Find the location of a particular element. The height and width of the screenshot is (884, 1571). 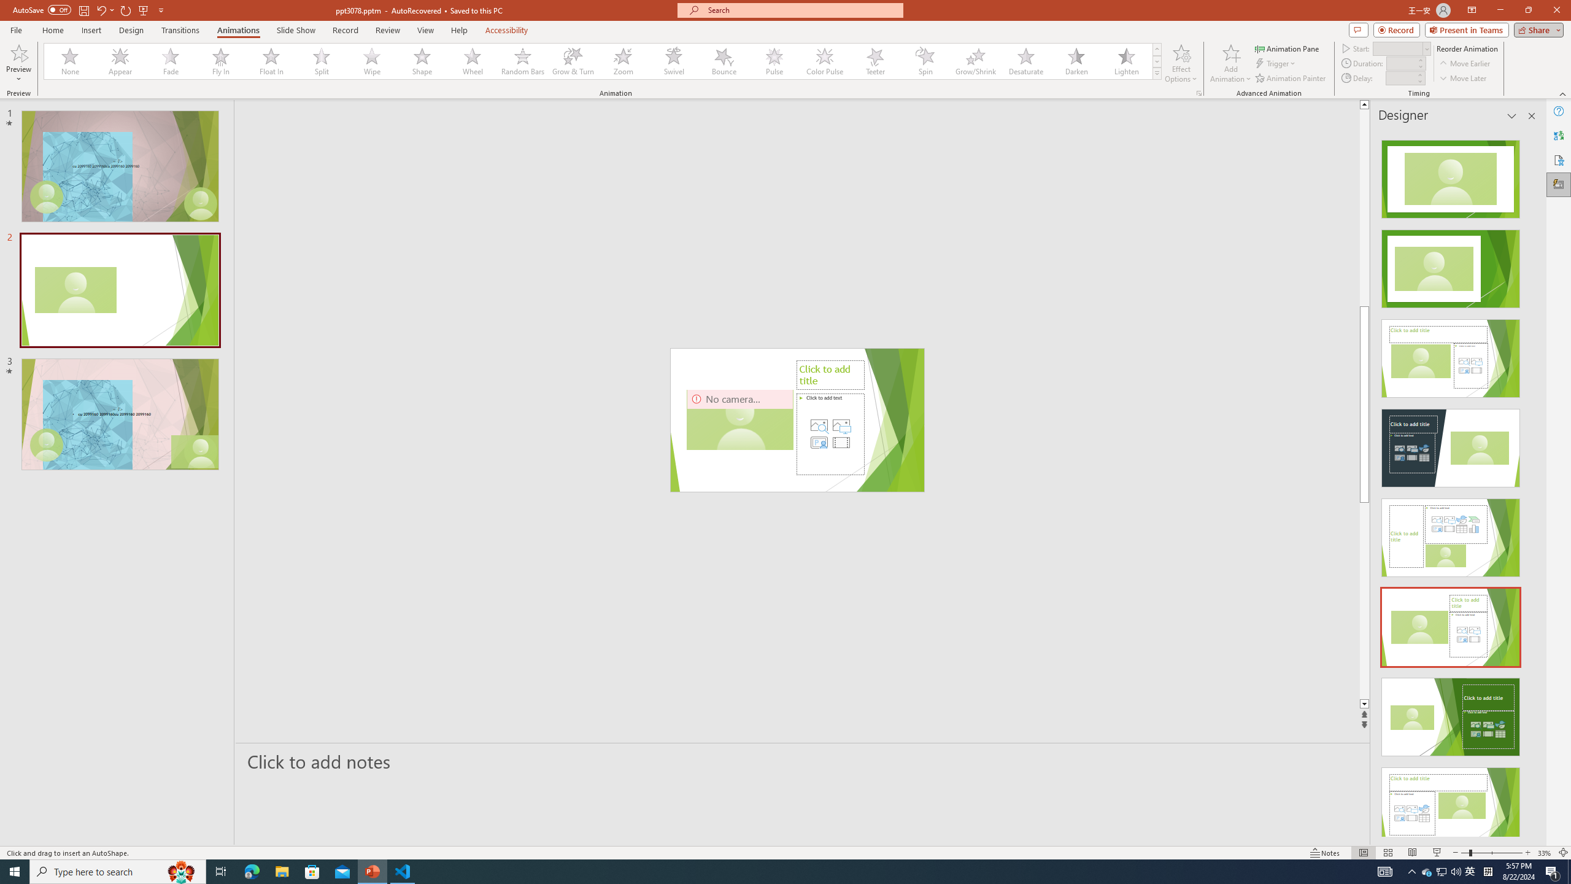

'Class: NetUIScrollBar' is located at coordinates (1530, 483).